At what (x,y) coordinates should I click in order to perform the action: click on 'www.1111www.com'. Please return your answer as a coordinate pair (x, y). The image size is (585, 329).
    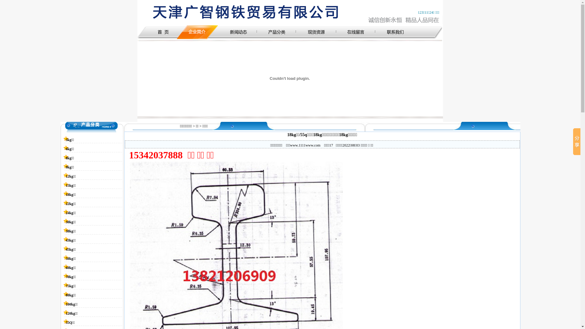
    Looking at the image, I should click on (289, 145).